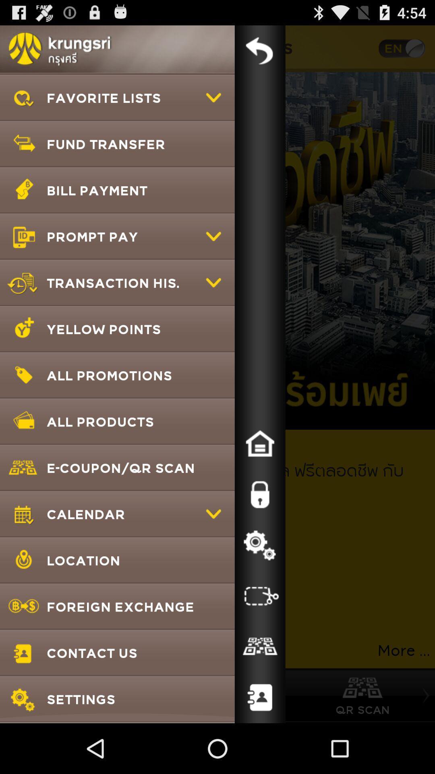 The image size is (435, 774). I want to click on the app next to e coupon qr icon, so click(260, 494).